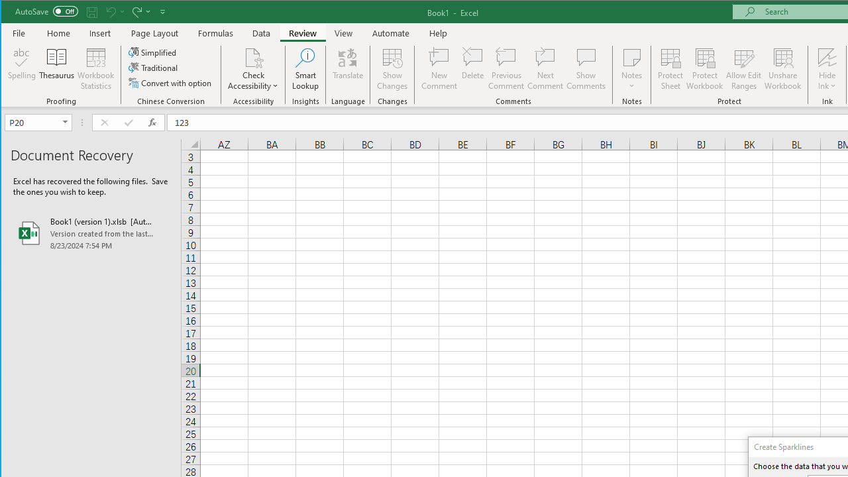 Image resolution: width=848 pixels, height=477 pixels. I want to click on 'Previous Comment', so click(505, 69).